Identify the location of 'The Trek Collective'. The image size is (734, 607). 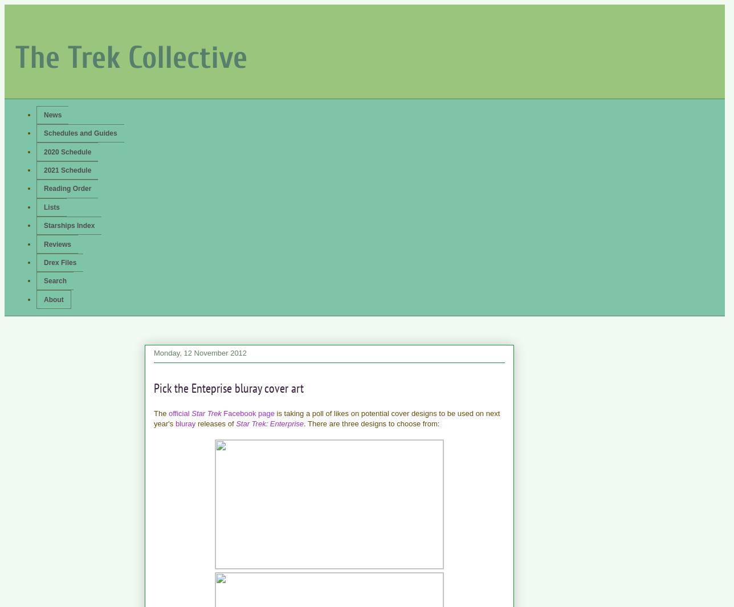
(131, 56).